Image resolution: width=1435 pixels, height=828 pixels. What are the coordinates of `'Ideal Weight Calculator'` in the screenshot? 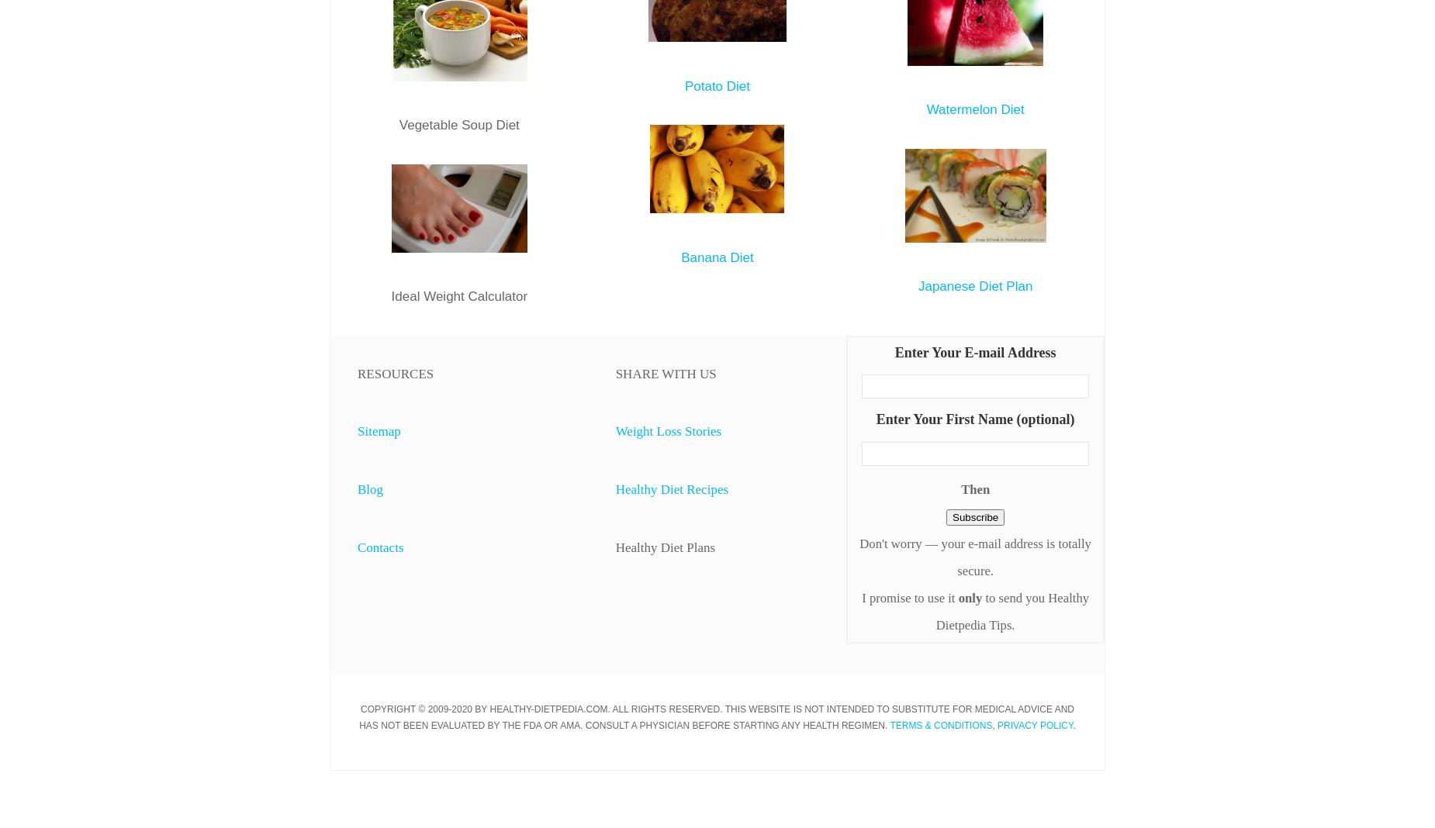 It's located at (459, 295).